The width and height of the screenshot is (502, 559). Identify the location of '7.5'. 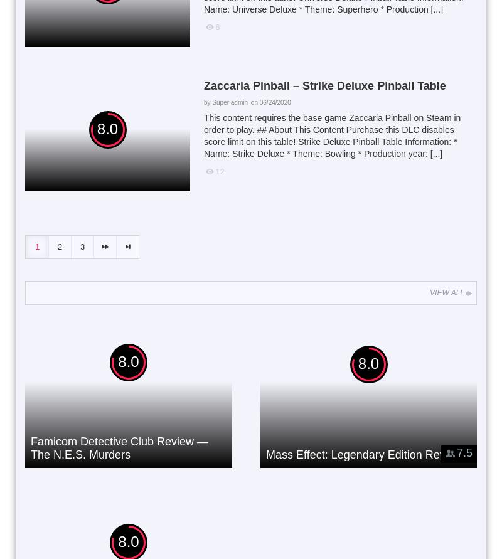
(464, 452).